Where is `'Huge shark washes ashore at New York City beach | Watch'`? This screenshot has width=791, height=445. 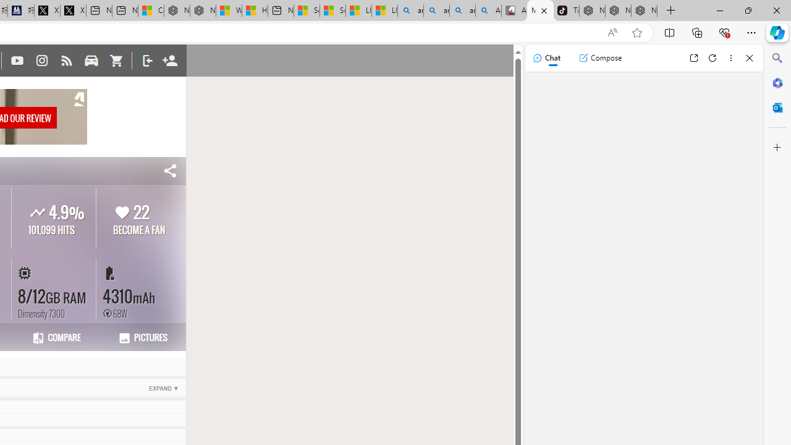 'Huge shark washes ashore at New York City beach | Watch' is located at coordinates (254, 11).